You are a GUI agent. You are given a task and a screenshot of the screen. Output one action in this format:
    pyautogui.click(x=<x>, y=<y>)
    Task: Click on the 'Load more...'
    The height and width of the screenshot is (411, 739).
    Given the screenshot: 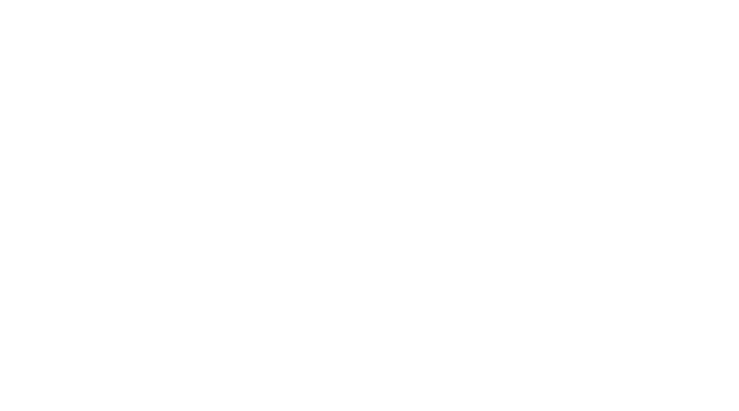 What is the action you would take?
    pyautogui.click(x=158, y=187)
    